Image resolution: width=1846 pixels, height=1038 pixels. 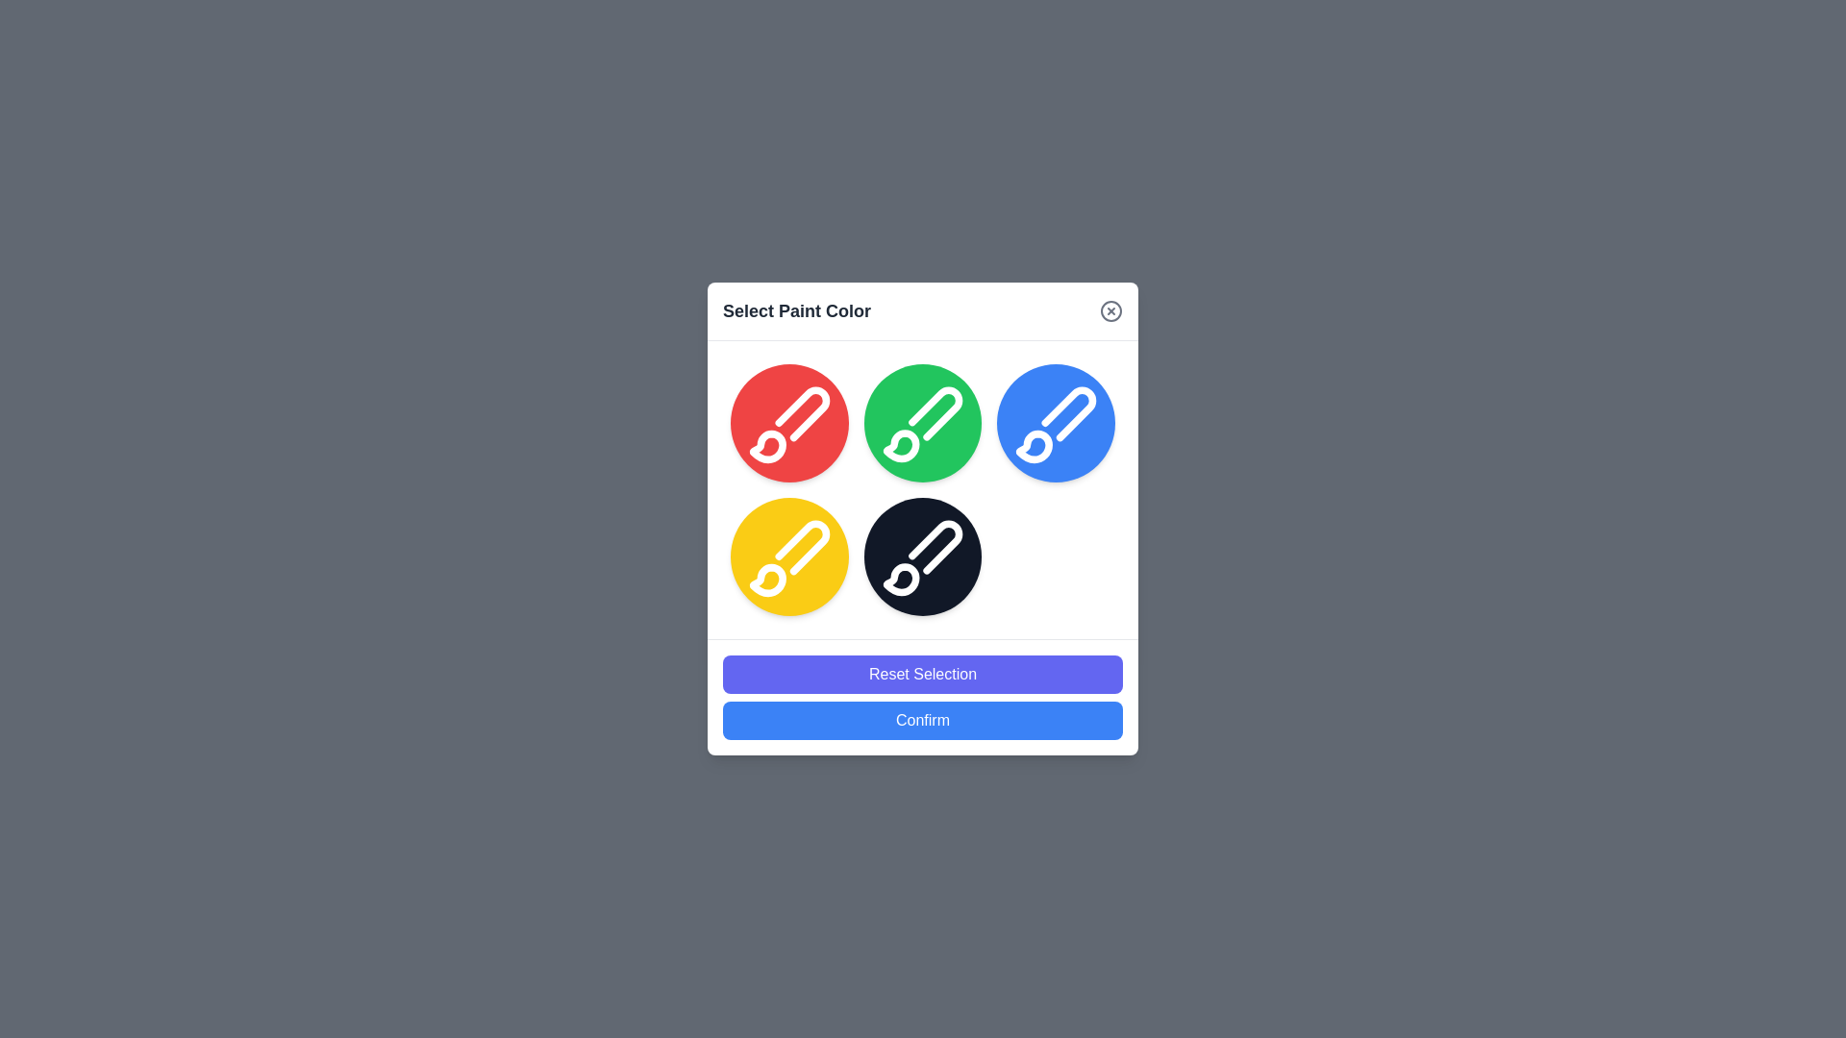 I want to click on 'Confirm' button to confirm the selection, so click(x=923, y=720).